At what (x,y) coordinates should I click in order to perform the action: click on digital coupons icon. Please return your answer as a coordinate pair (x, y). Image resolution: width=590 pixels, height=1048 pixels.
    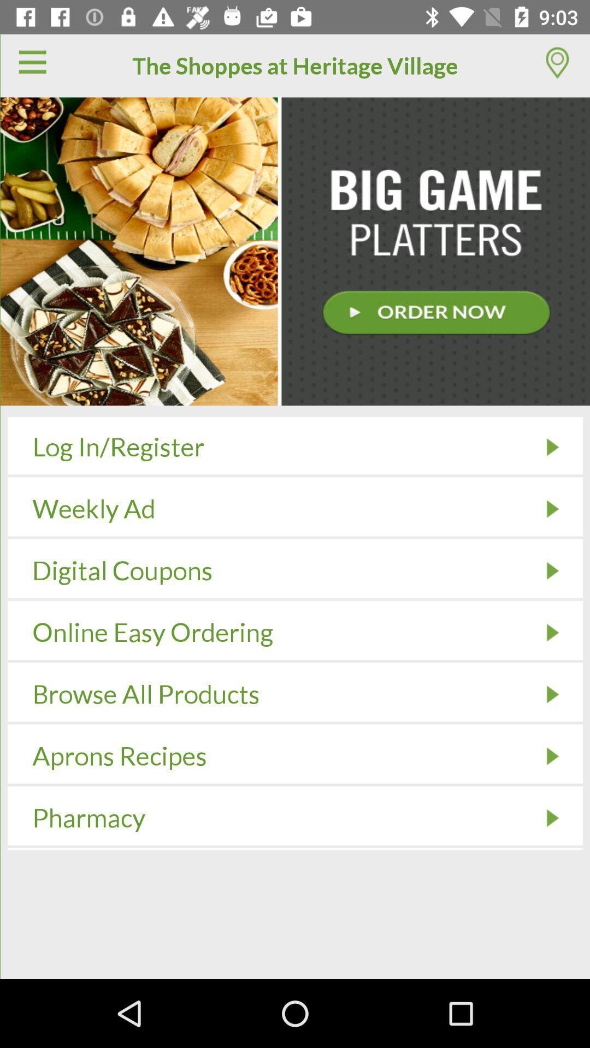
    Looking at the image, I should click on (552, 570).